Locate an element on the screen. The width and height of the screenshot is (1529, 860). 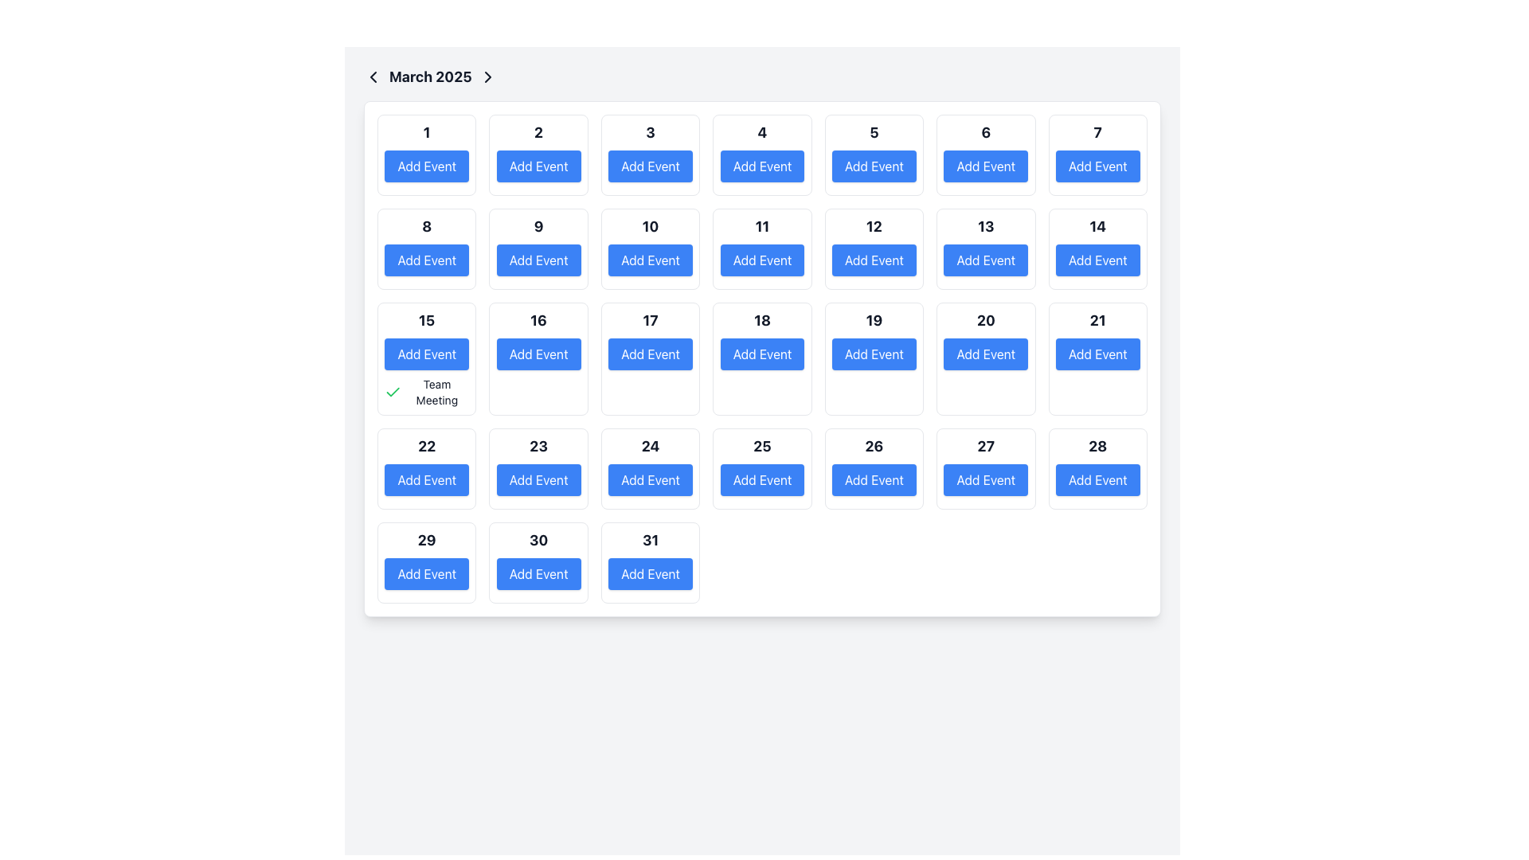
the Text Display element that shows the number '10', which is located in the calendar grid structure above the 'Add Event' button is located at coordinates (650, 227).